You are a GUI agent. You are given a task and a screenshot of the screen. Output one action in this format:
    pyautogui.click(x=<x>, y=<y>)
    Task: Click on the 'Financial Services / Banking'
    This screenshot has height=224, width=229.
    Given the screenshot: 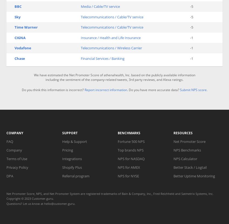 What is the action you would take?
    pyautogui.click(x=102, y=58)
    